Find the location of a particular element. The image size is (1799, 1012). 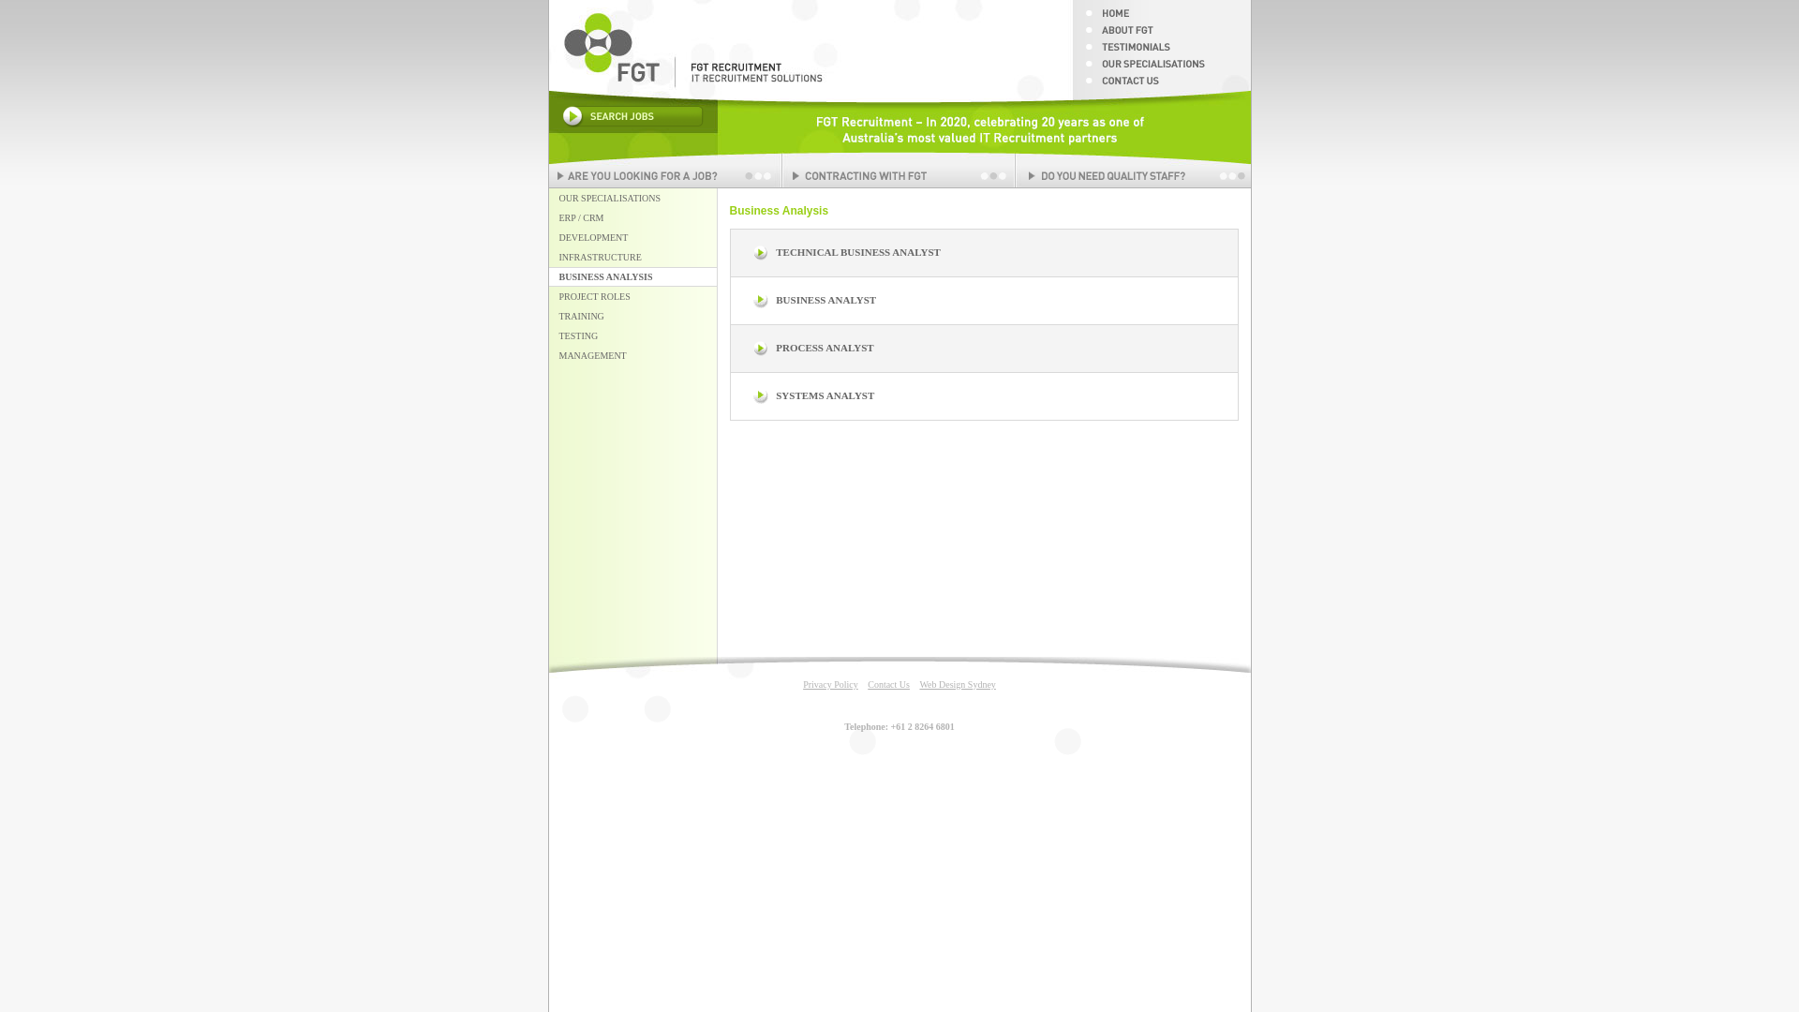

'INFRASTRUCTURE' is located at coordinates (633, 257).